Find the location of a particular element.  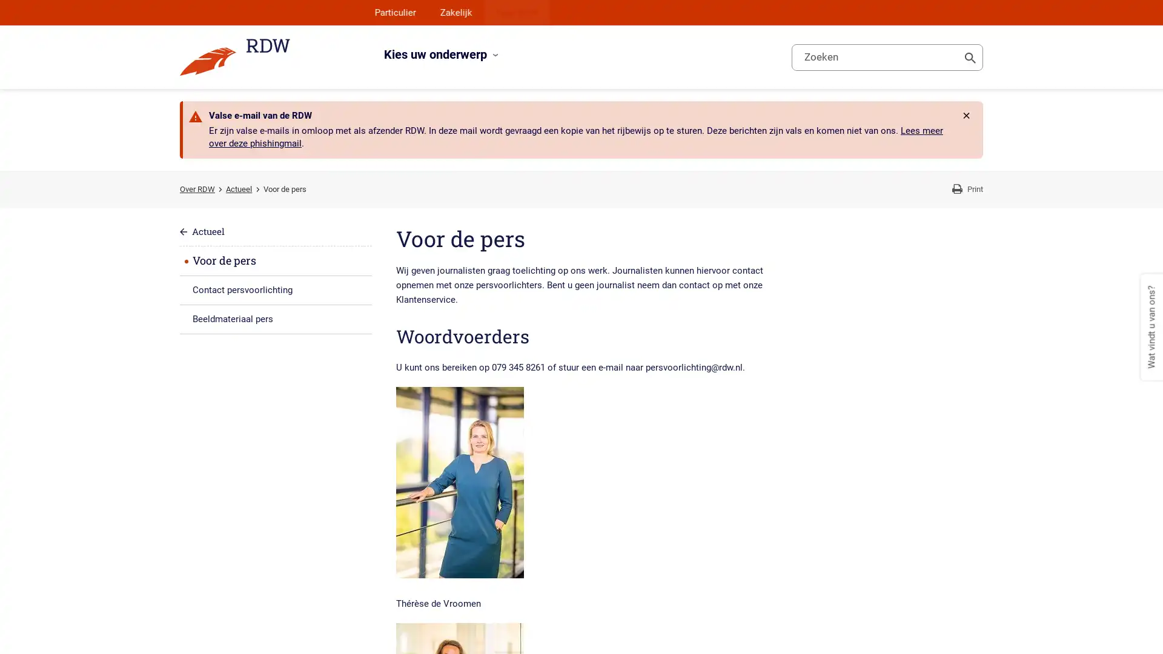

Toon zoeken is located at coordinates (970, 58).